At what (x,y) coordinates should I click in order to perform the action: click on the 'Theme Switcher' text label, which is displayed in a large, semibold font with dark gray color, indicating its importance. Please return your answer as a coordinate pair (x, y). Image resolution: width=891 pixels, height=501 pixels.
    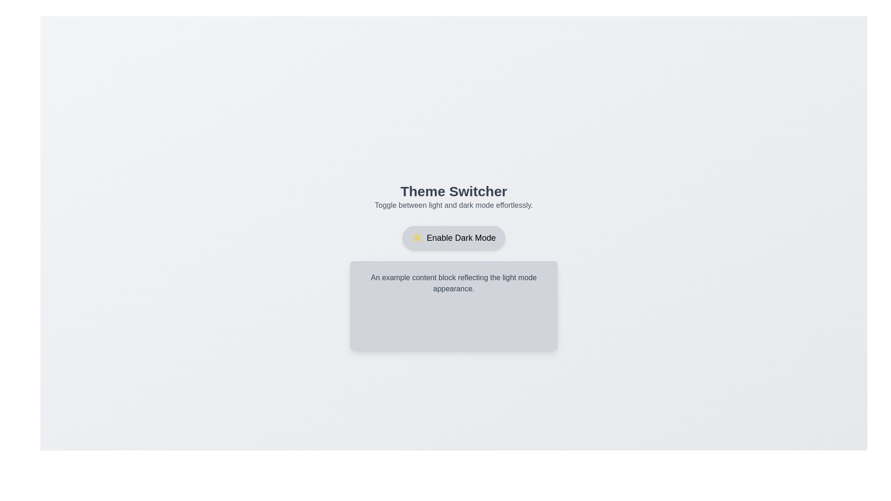
    Looking at the image, I should click on (454, 191).